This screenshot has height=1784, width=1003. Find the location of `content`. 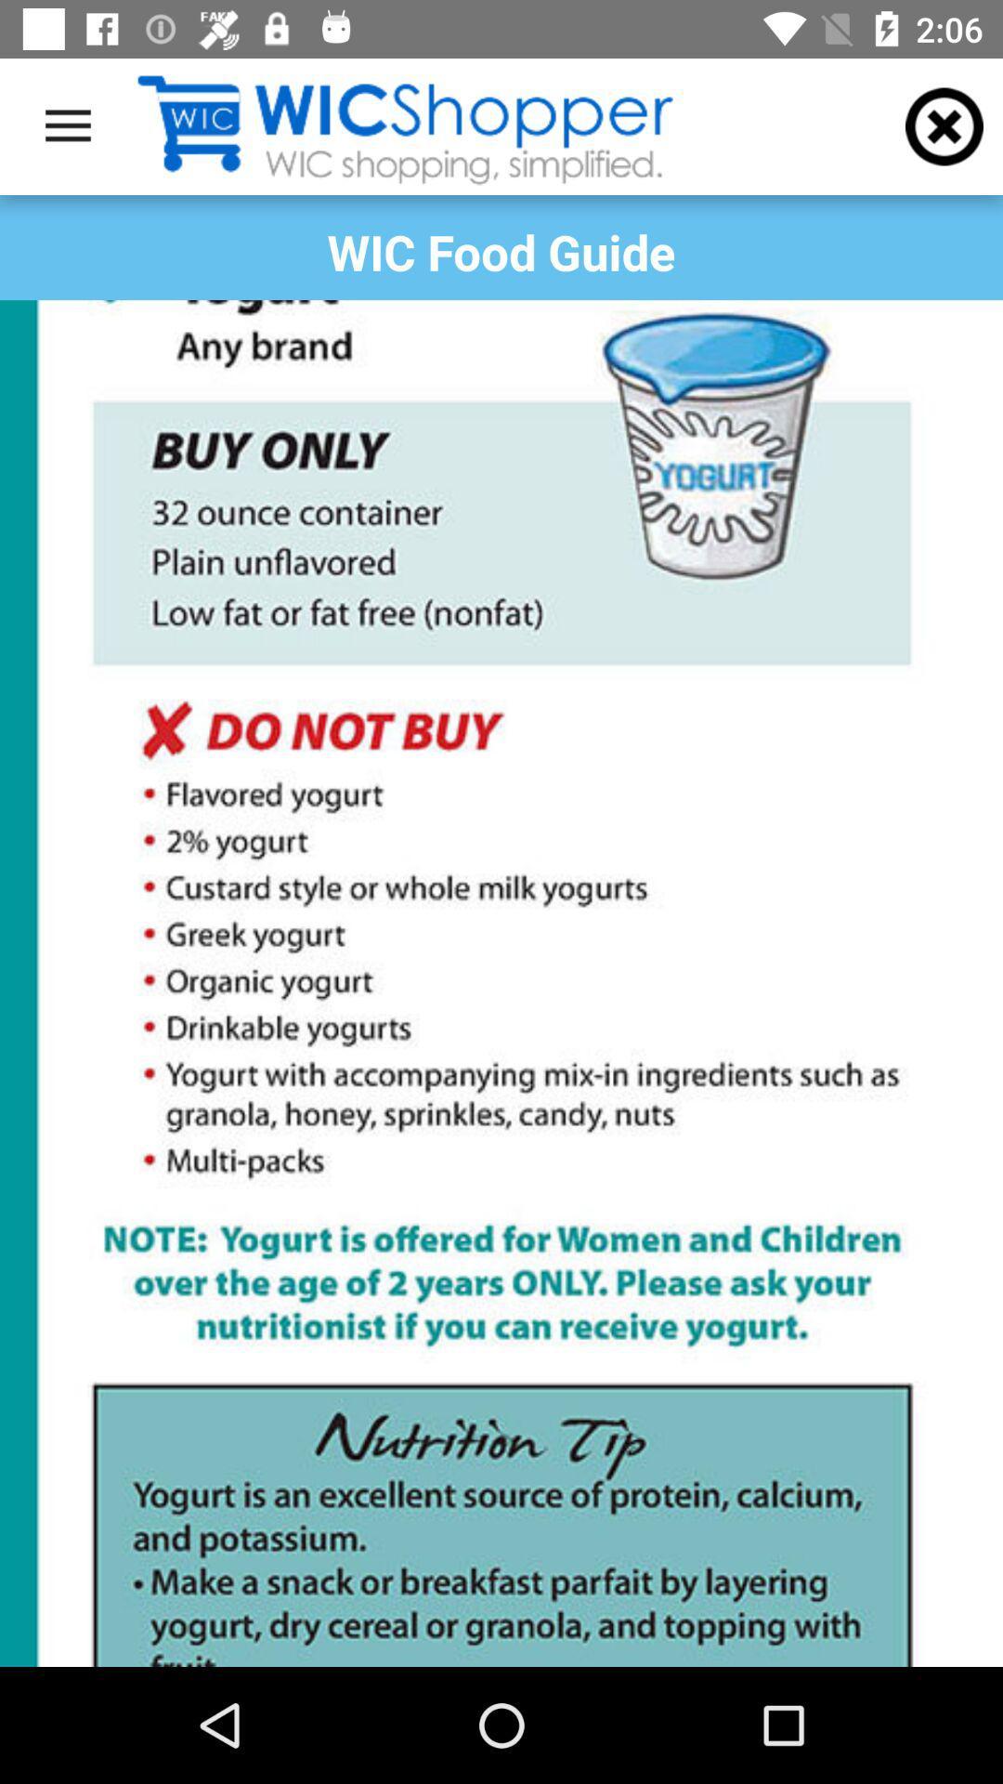

content is located at coordinates (501, 982).